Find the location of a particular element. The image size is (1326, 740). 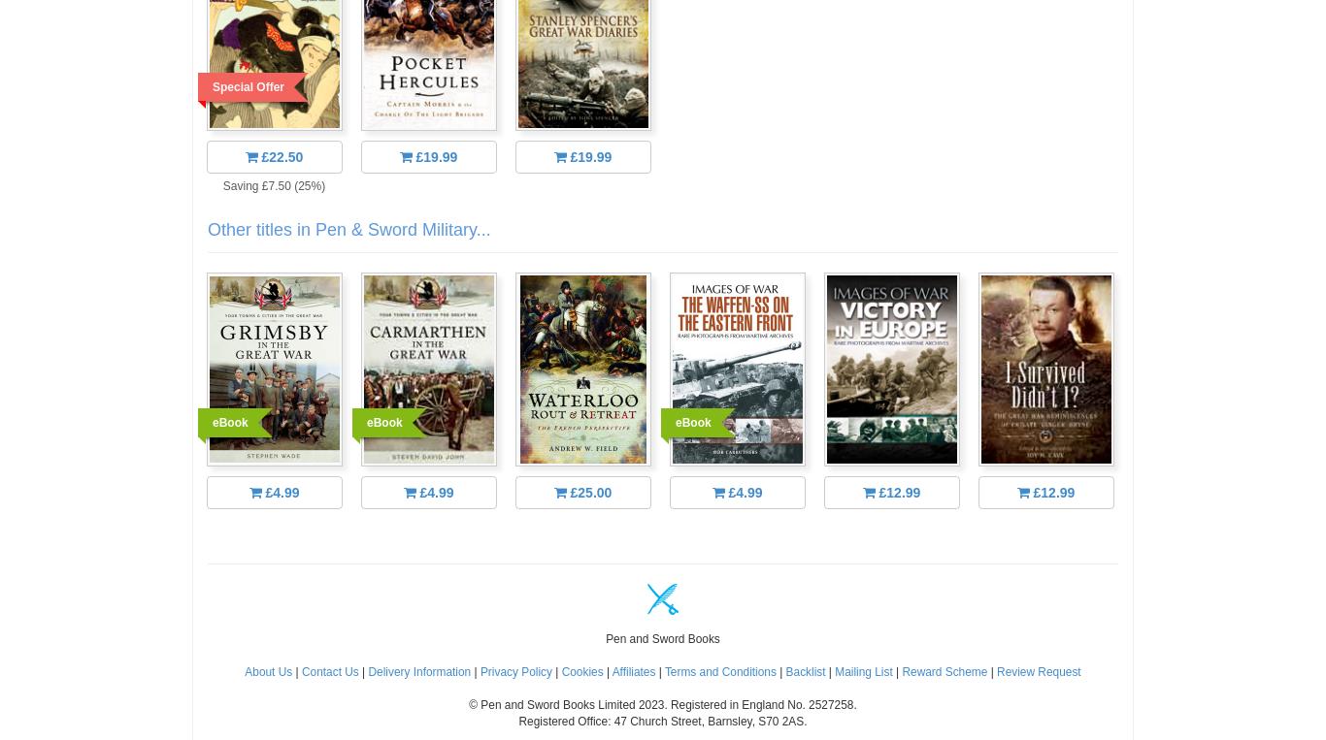

'Delivery Information' is located at coordinates (418, 671).